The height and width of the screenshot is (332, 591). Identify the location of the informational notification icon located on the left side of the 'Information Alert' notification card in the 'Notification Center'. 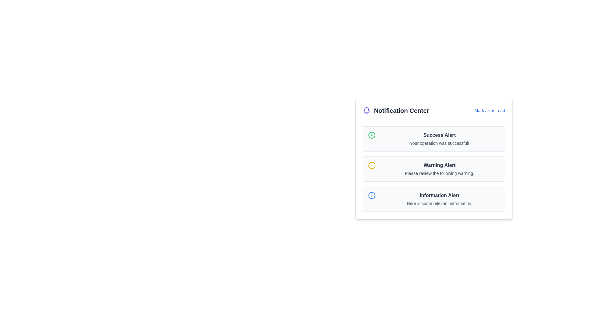
(372, 196).